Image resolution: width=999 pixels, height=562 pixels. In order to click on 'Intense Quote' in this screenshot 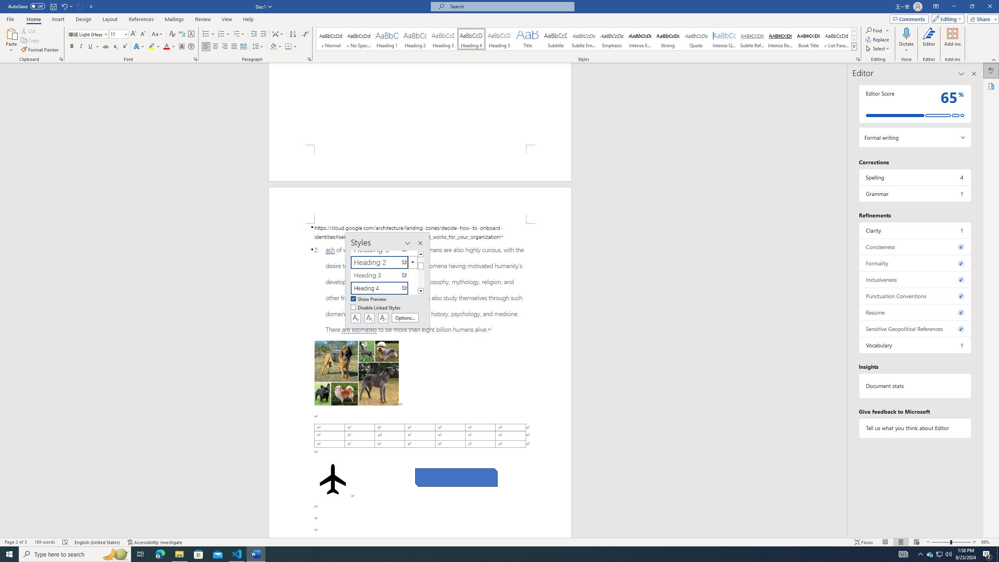, I will do `click(724, 39)`.